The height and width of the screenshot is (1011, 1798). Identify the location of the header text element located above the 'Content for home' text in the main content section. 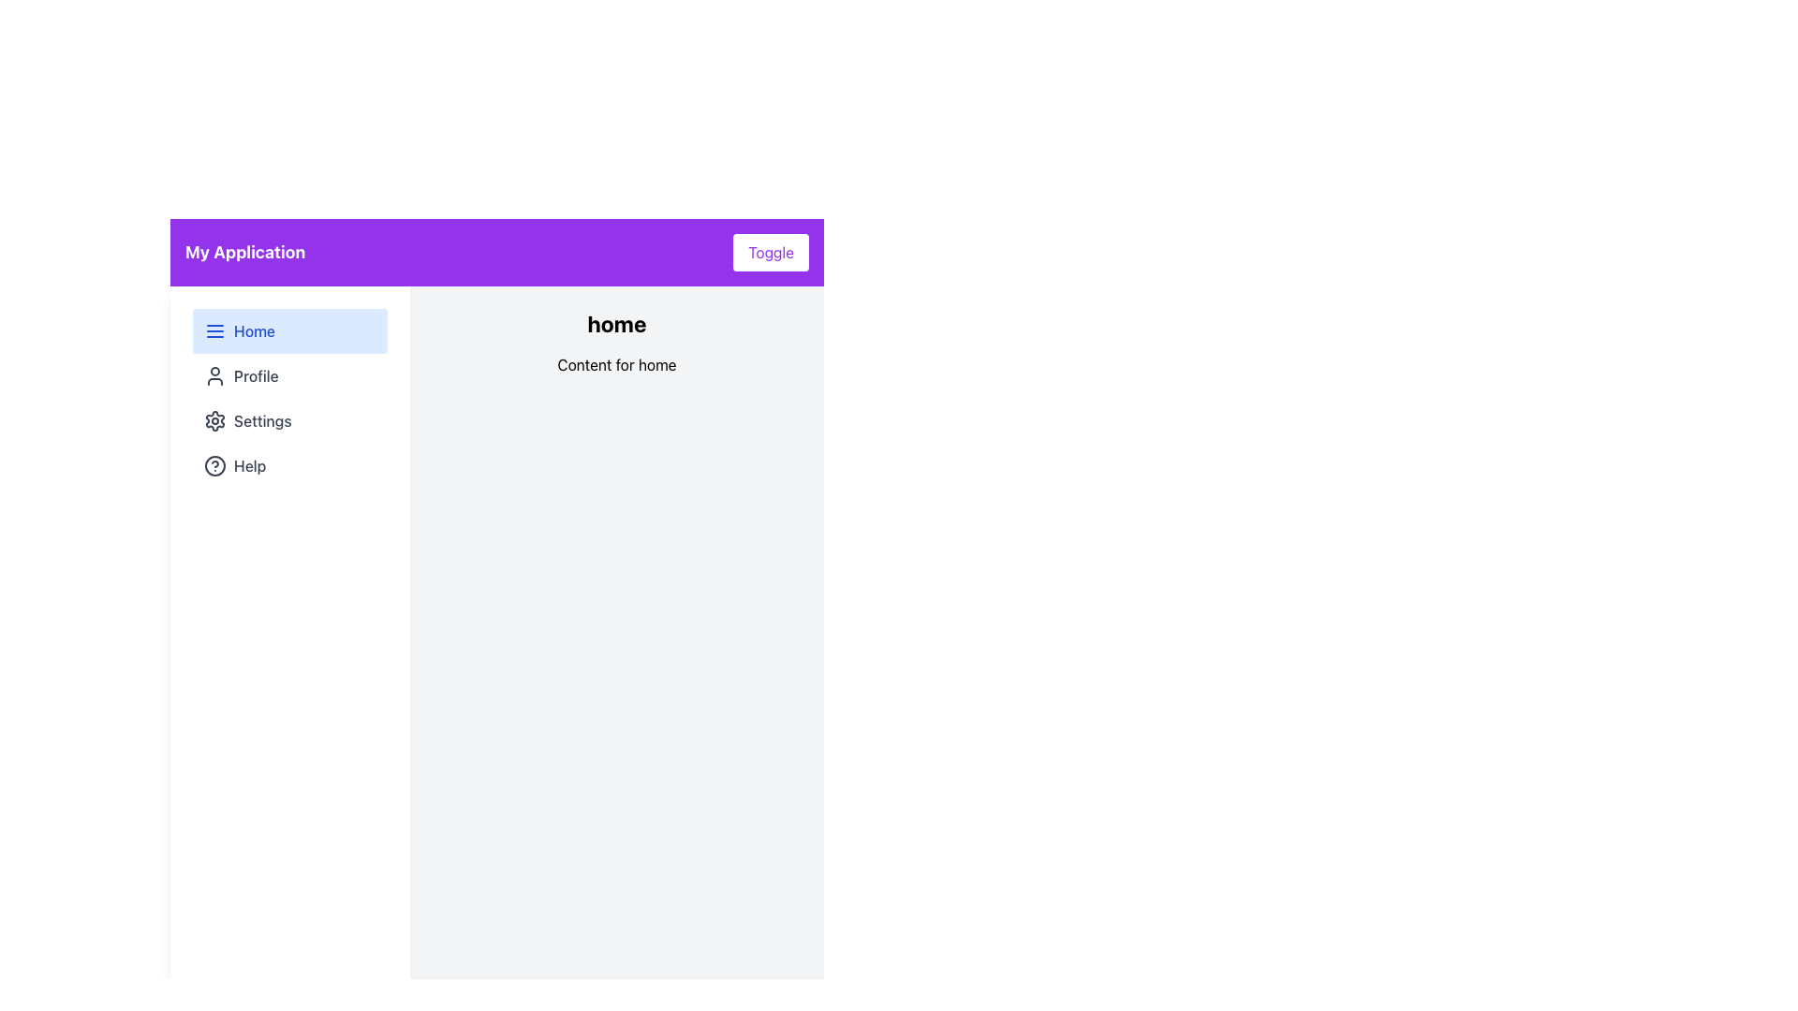
(616, 323).